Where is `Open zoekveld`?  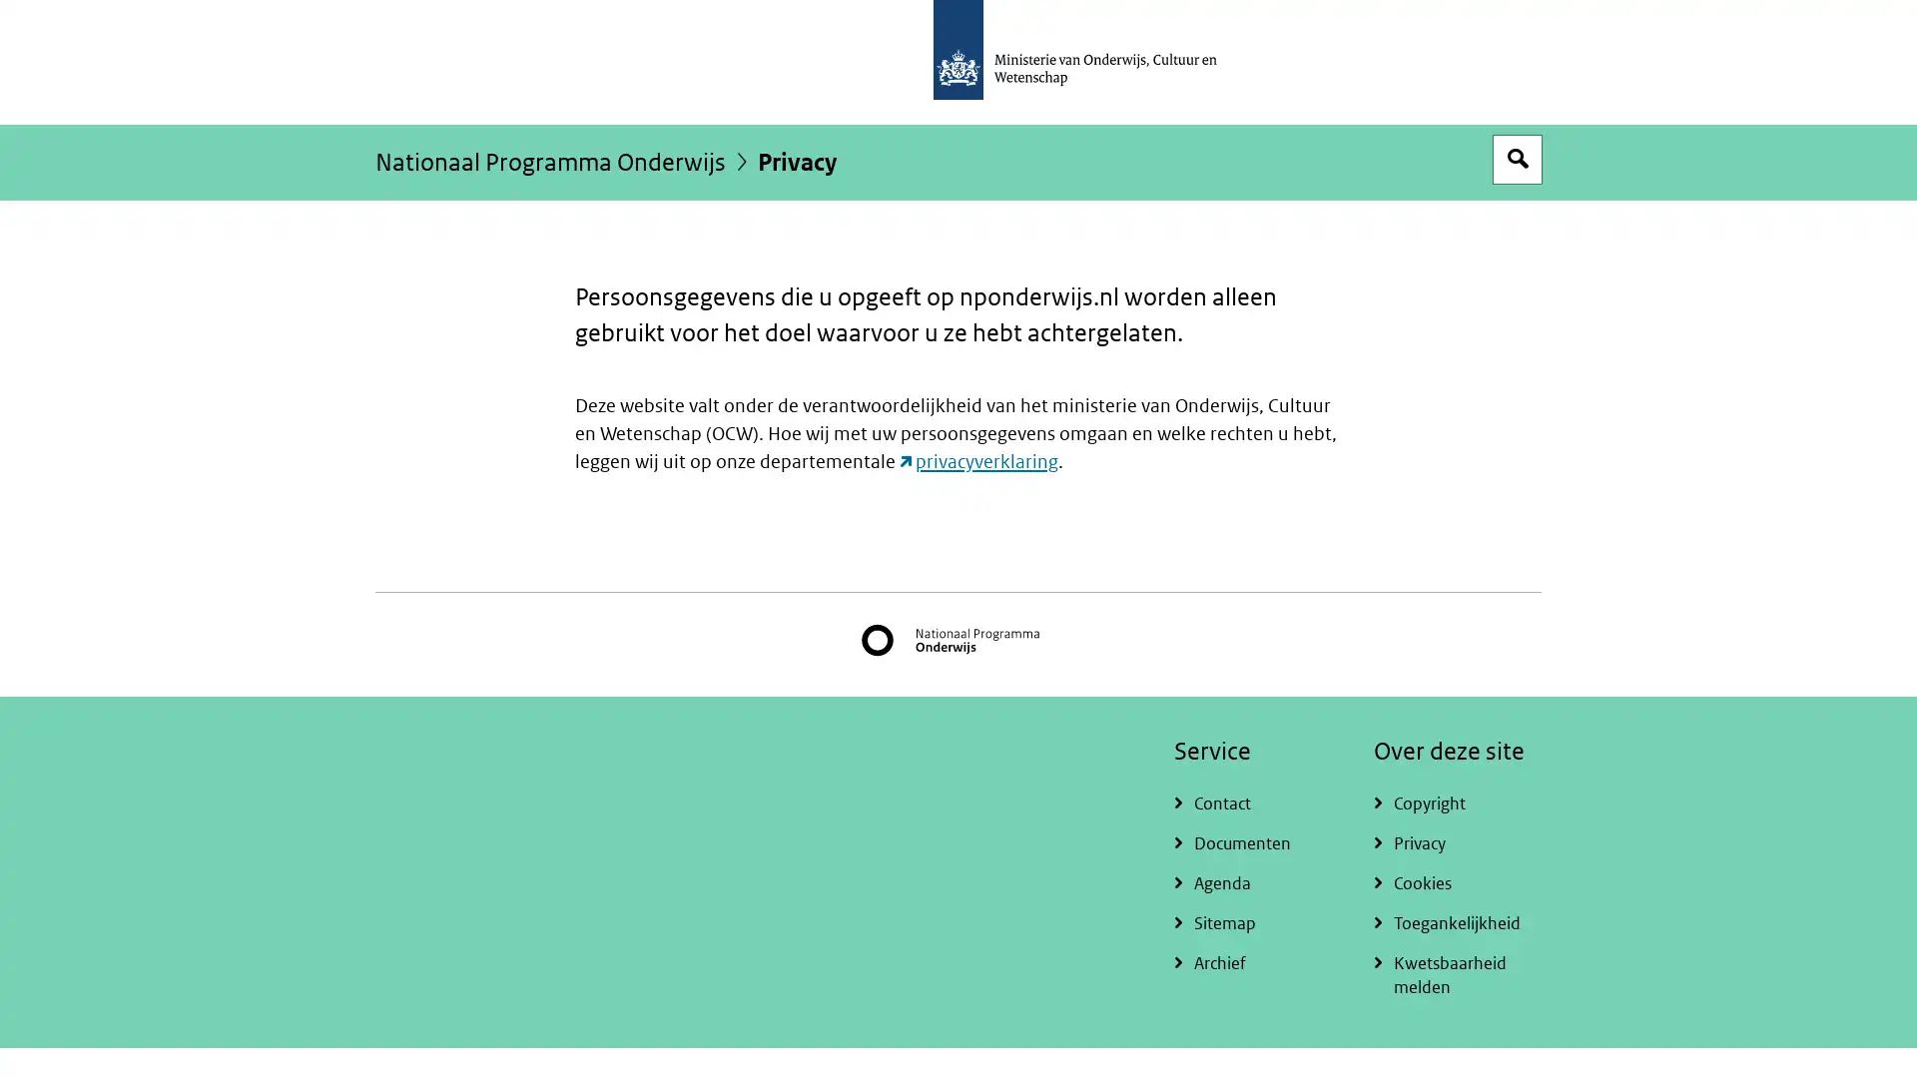
Open zoekveld is located at coordinates (1518, 158).